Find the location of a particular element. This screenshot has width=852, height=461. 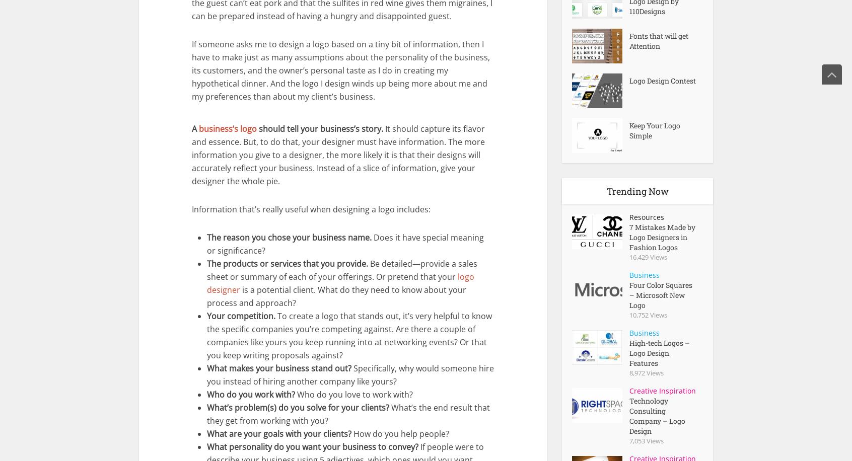

'What’s the end result that they get from working with you?' is located at coordinates (206, 414).